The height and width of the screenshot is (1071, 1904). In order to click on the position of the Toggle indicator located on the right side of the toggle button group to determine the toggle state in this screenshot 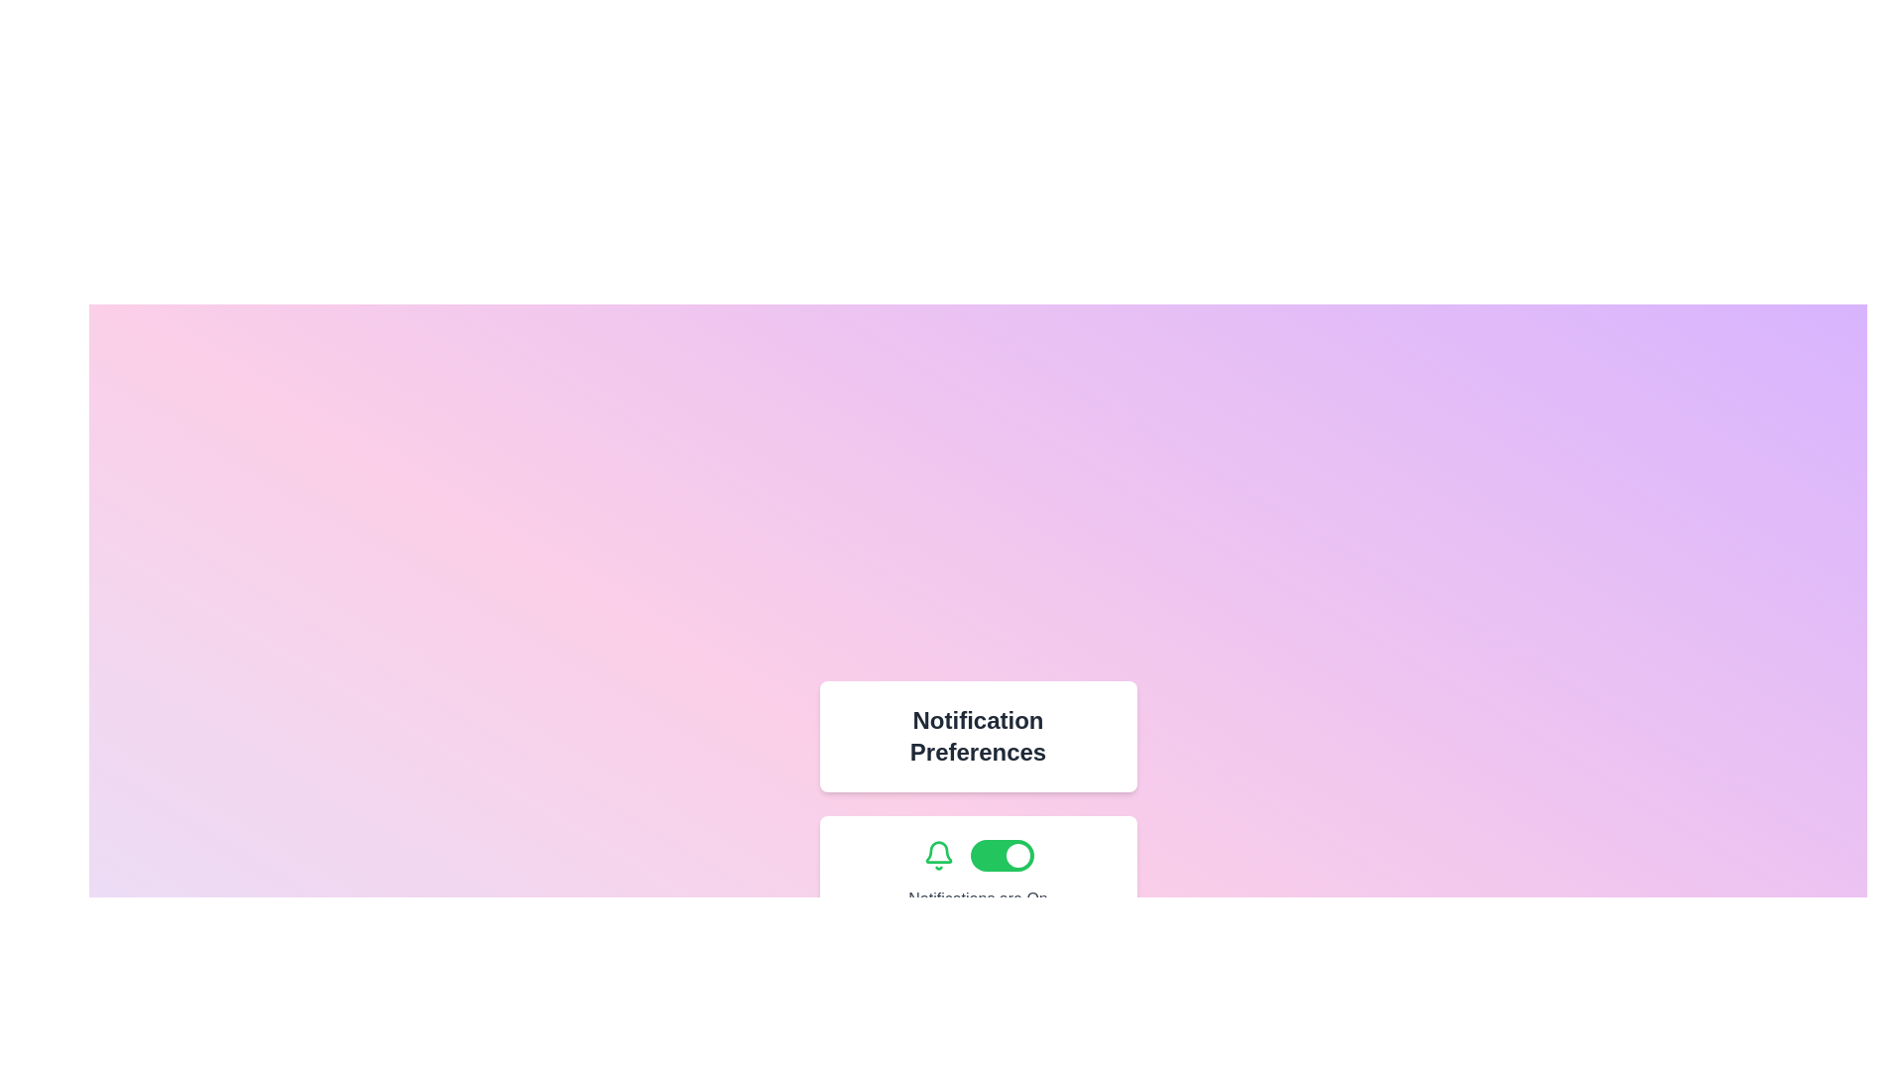, I will do `click(1017, 855)`.